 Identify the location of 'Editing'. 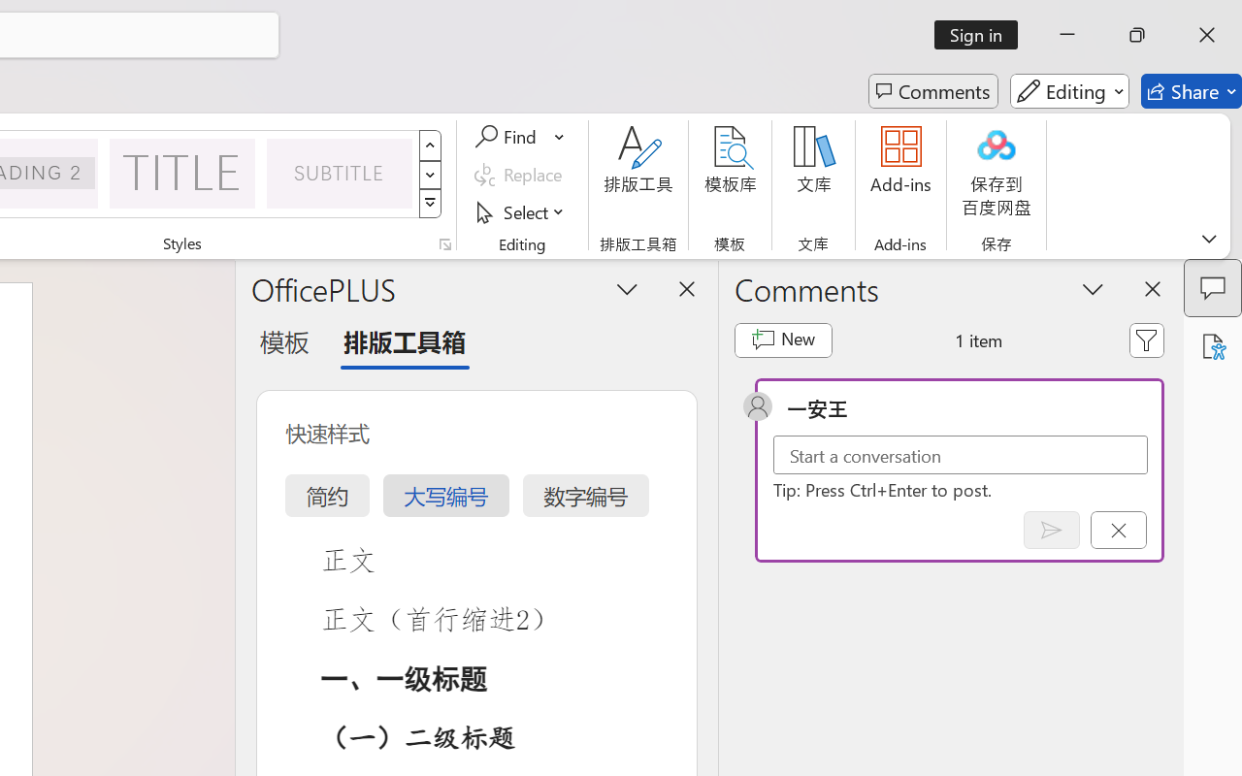
(1068, 91).